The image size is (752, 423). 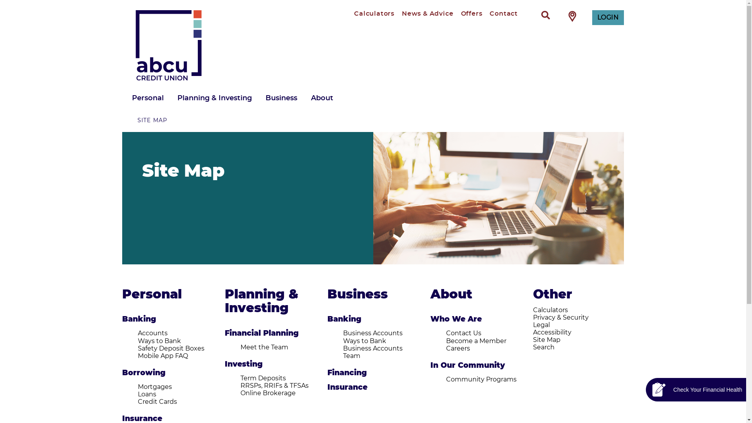 What do you see at coordinates (607, 18) in the screenshot?
I see `'LOGIN'` at bounding box center [607, 18].